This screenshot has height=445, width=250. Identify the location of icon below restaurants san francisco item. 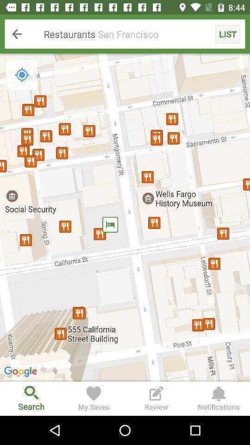
(22, 74).